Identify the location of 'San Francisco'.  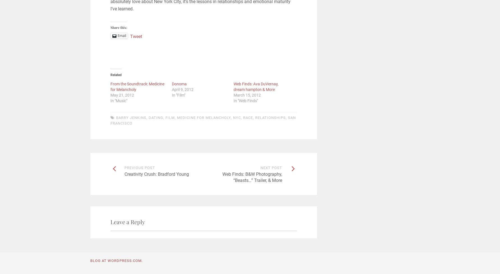
(202, 120).